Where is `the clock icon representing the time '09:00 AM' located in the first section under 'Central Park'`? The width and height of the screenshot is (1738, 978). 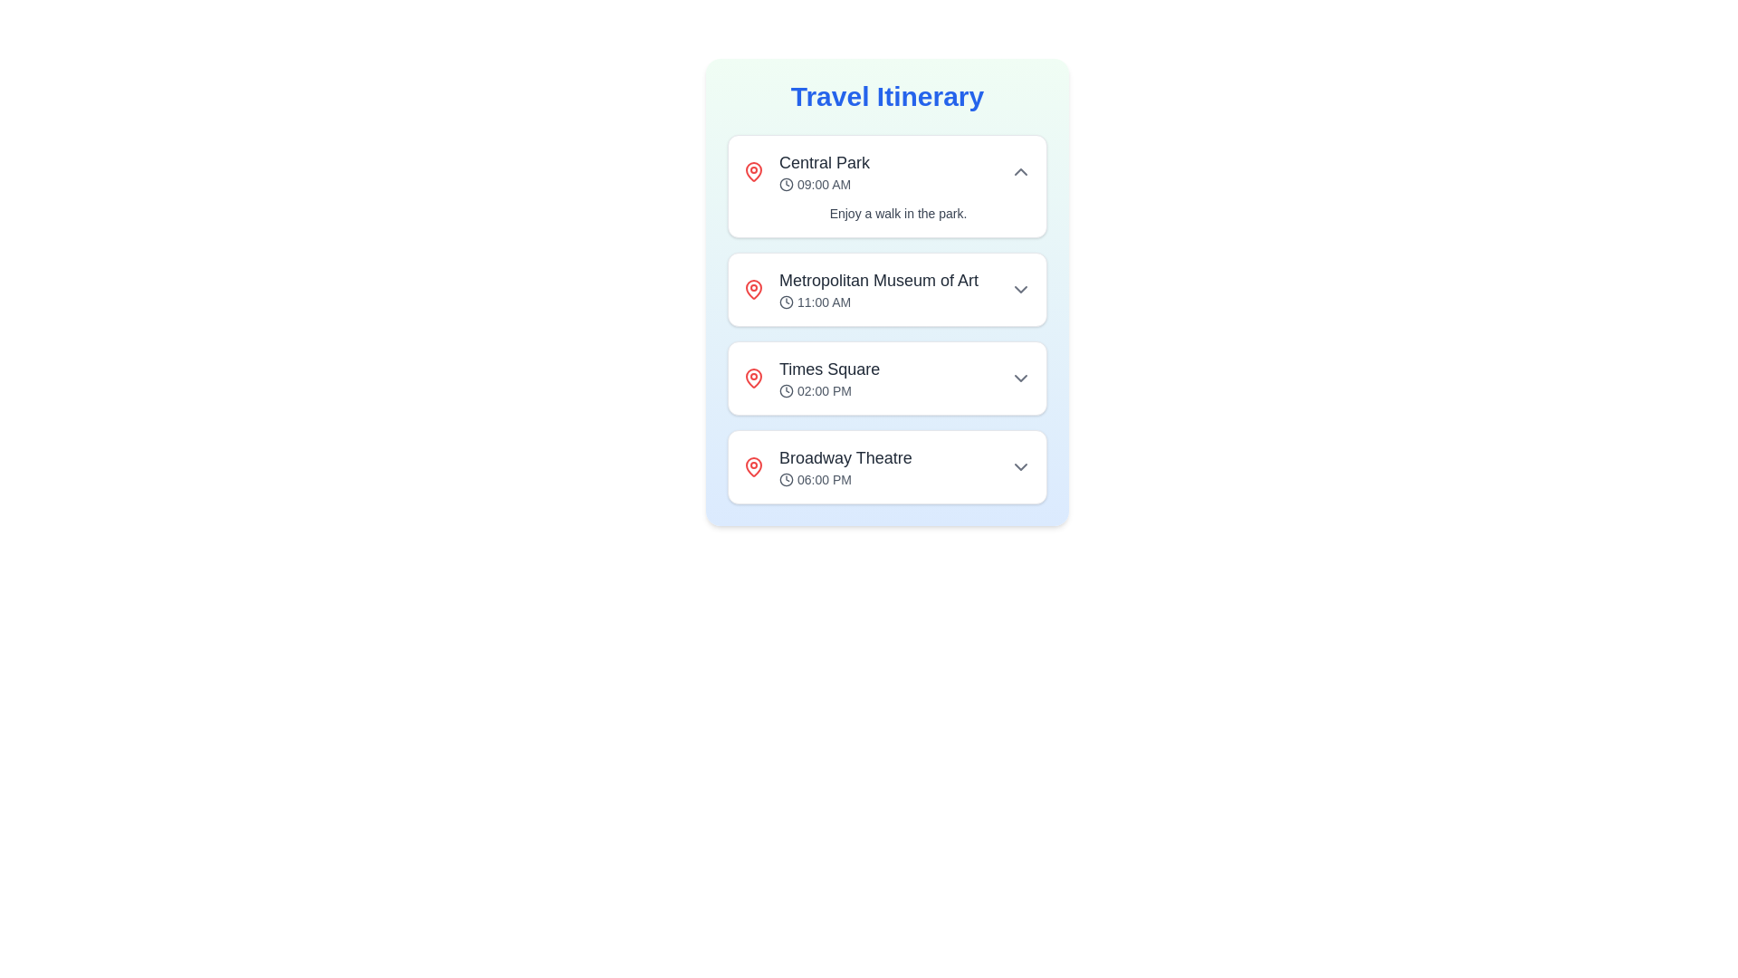
the clock icon representing the time '09:00 AM' located in the first section under 'Central Park' is located at coordinates (786, 185).